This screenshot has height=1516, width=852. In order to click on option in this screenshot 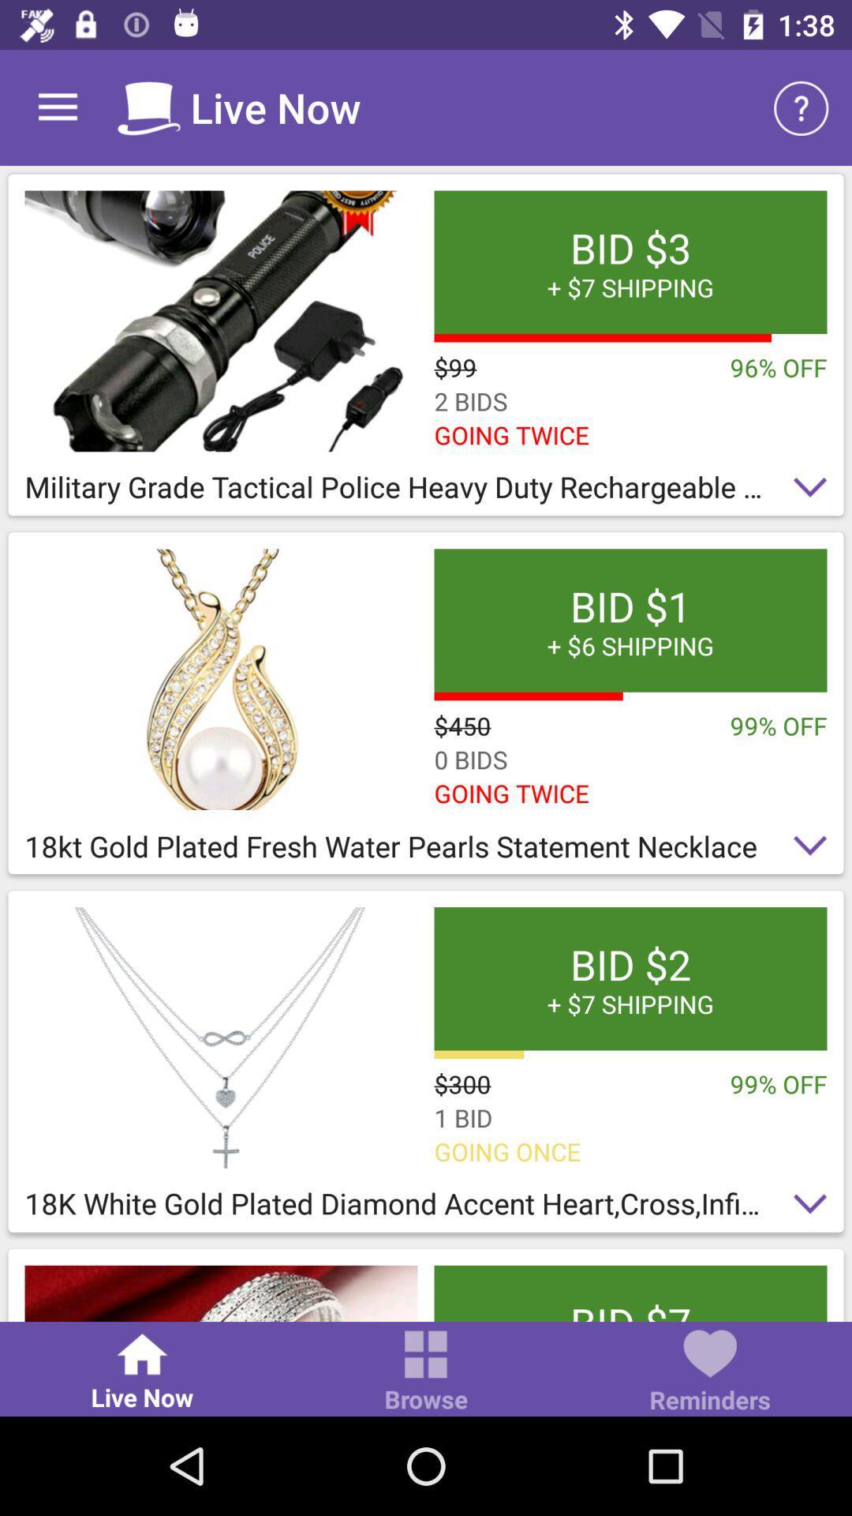, I will do `click(221, 320)`.